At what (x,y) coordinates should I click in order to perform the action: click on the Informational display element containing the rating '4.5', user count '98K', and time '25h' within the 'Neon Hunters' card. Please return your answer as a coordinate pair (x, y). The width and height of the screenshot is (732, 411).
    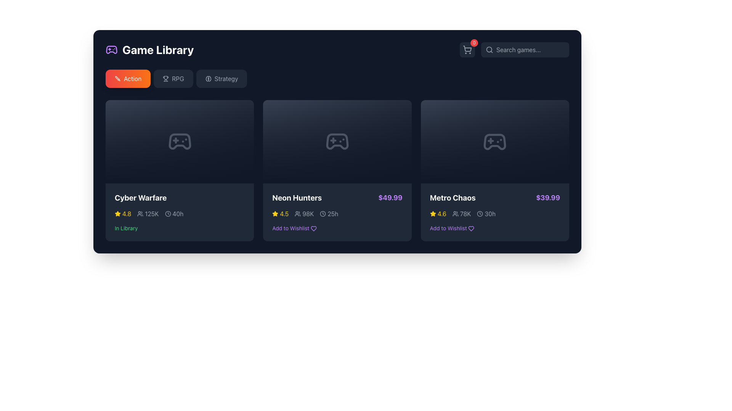
    Looking at the image, I should click on (337, 214).